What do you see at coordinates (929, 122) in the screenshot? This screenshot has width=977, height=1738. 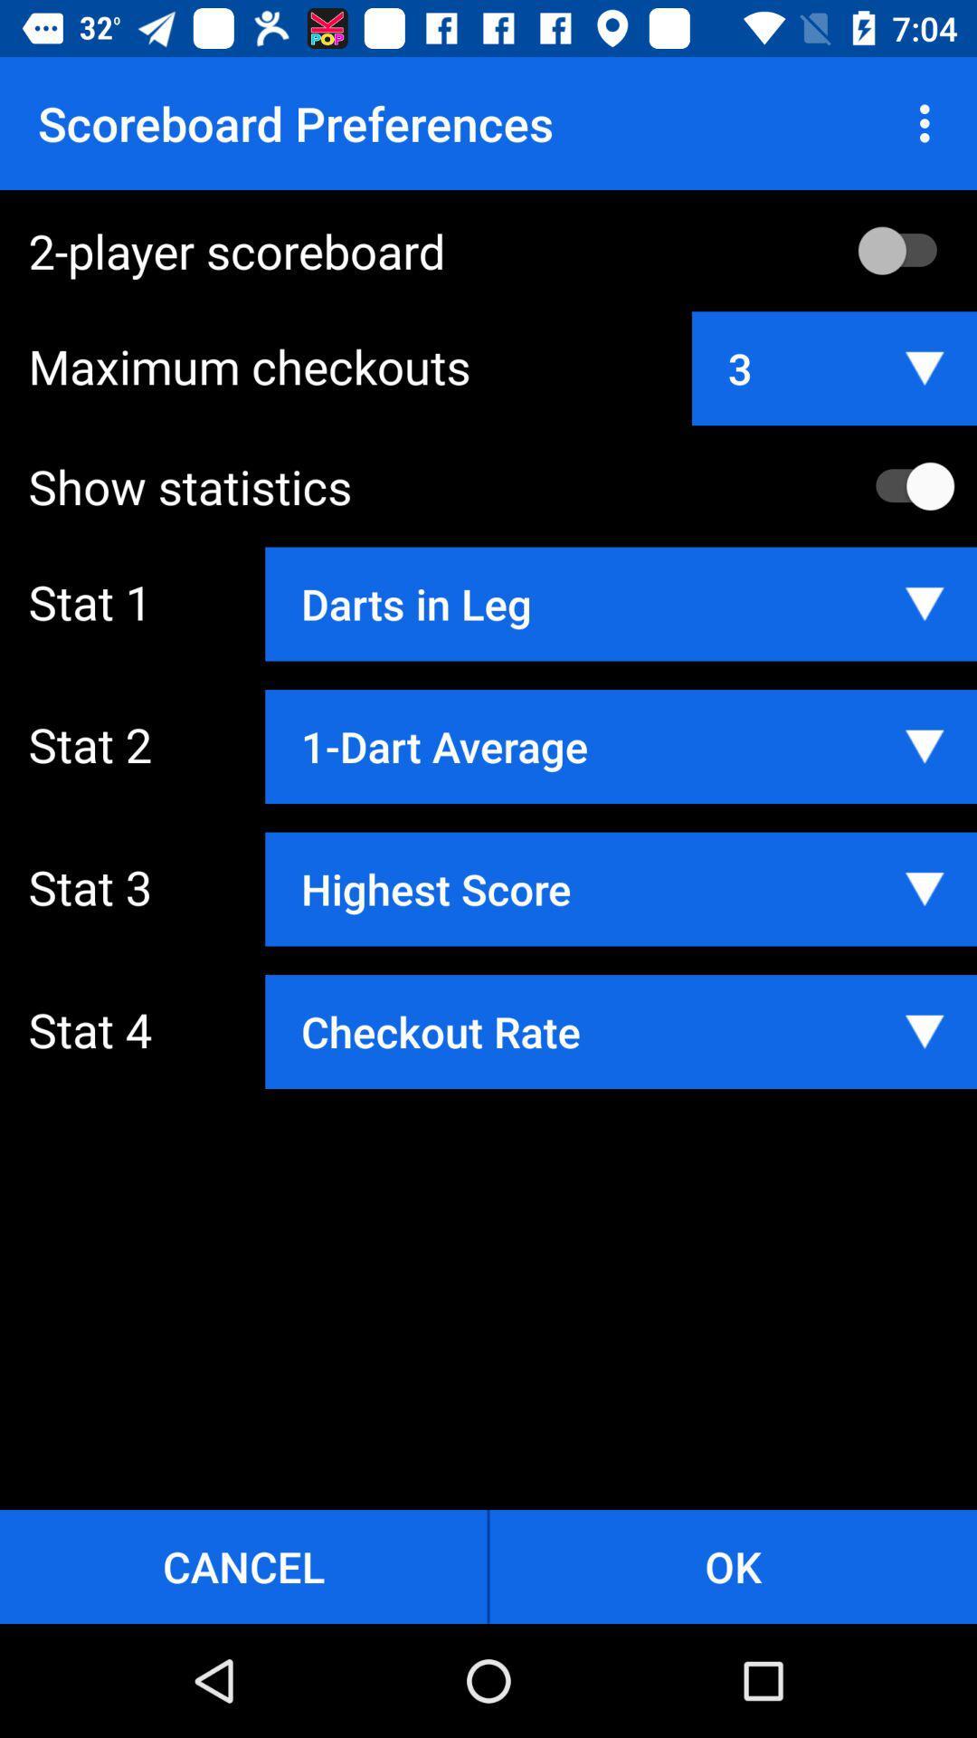 I see `the app to the right of the scoreboard preferences` at bounding box center [929, 122].